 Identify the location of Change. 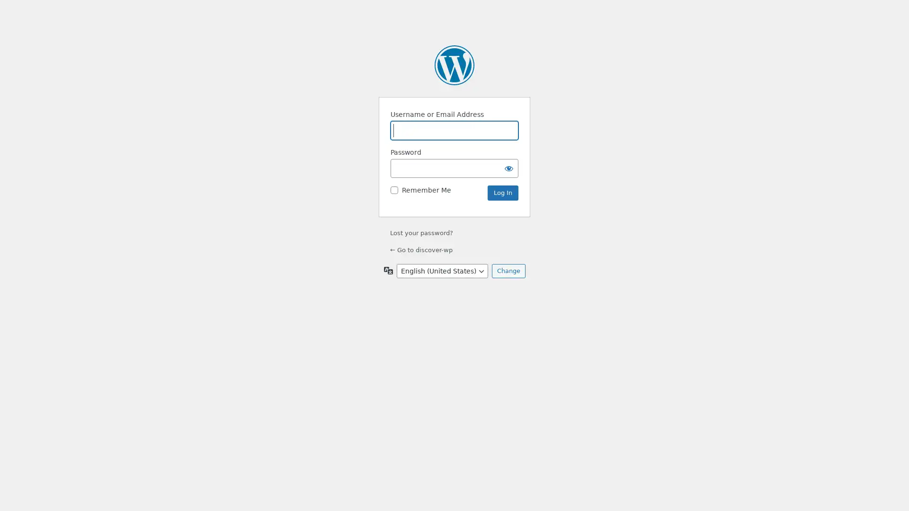
(508, 271).